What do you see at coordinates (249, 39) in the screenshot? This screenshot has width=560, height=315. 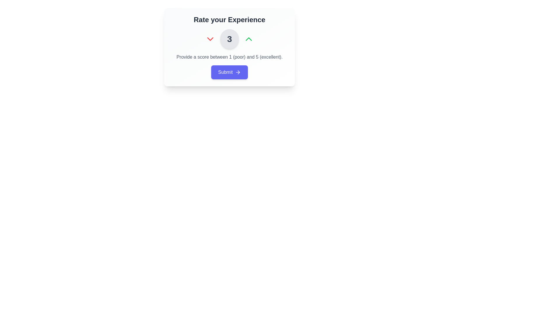 I see `the up-chevron icon representing an upward action, located above the circled '3' rating in the interface` at bounding box center [249, 39].